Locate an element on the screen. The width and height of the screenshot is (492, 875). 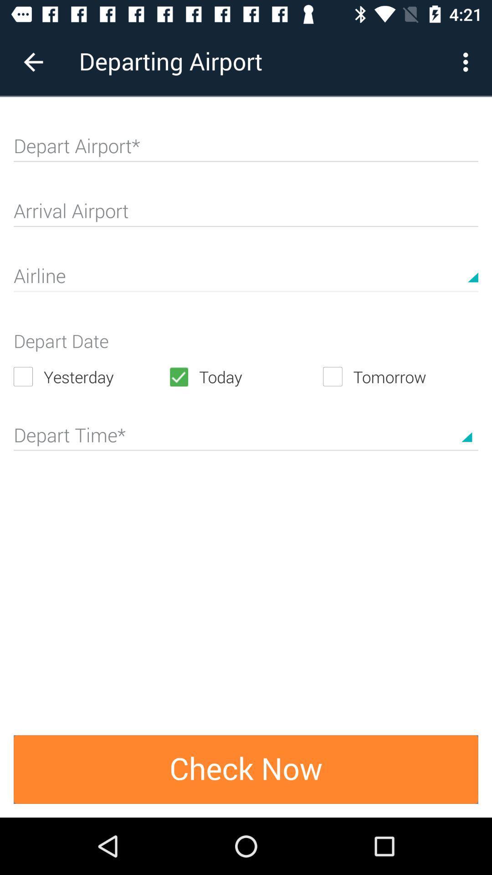
today item is located at coordinates (245, 376).